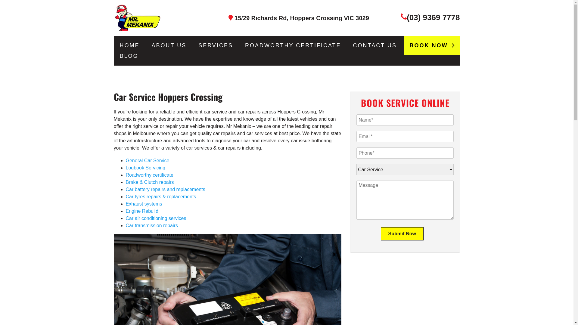 The image size is (578, 325). Describe the element at coordinates (433, 17) in the screenshot. I see `'(03) 9369 7778'` at that location.